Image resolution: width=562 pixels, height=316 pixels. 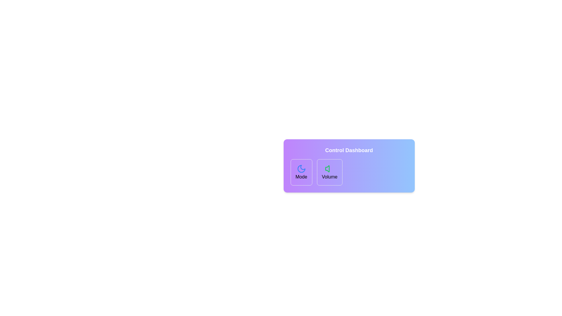 What do you see at coordinates (330, 172) in the screenshot?
I see `the Volume option to observe its hover effect` at bounding box center [330, 172].